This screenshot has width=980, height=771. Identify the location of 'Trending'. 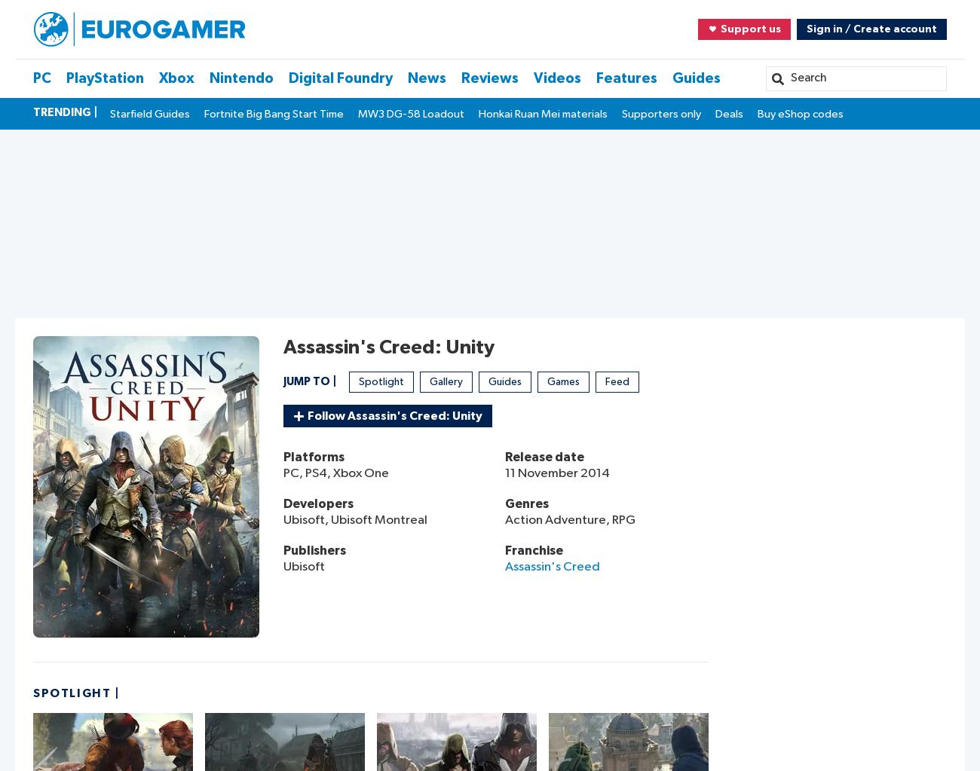
(62, 112).